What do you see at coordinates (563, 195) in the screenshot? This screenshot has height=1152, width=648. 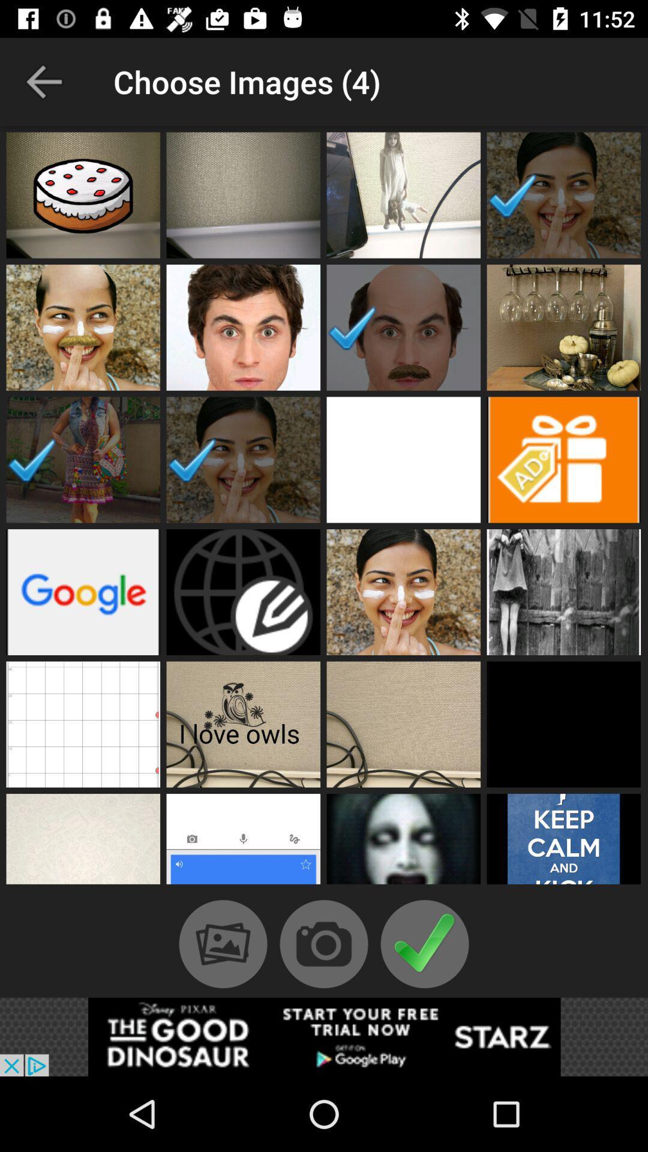 I see `choose image` at bounding box center [563, 195].